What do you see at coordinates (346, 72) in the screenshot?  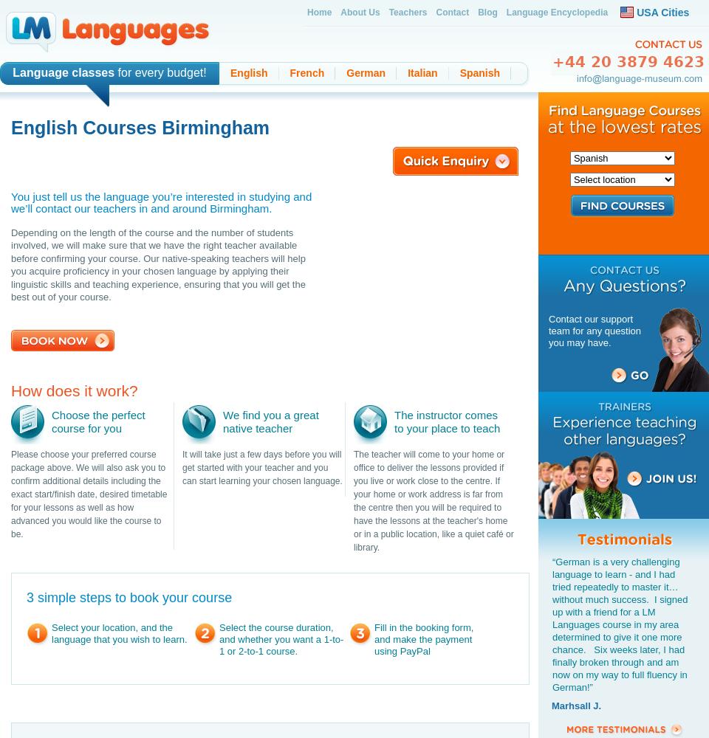 I see `'German'` at bounding box center [346, 72].